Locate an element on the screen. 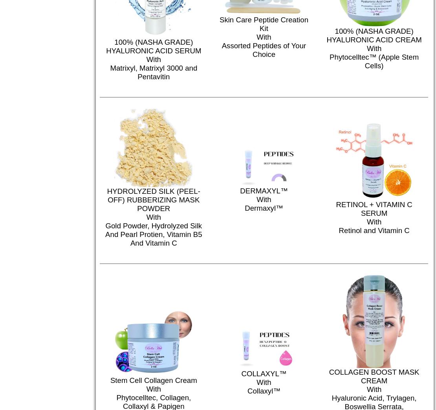 Image resolution: width=436 pixels, height=410 pixels. 'RETINOL + VITAMIN C SERUM' is located at coordinates (374, 208).